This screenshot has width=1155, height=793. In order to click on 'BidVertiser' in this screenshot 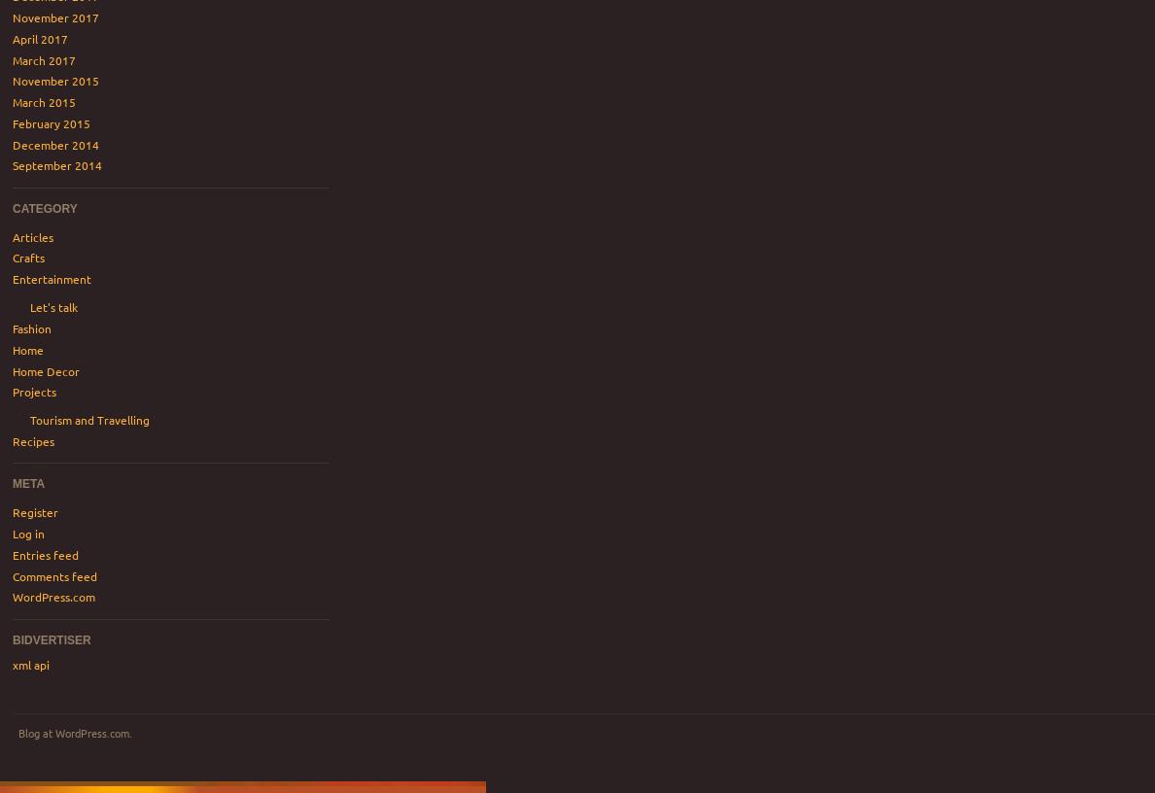, I will do `click(11, 638)`.